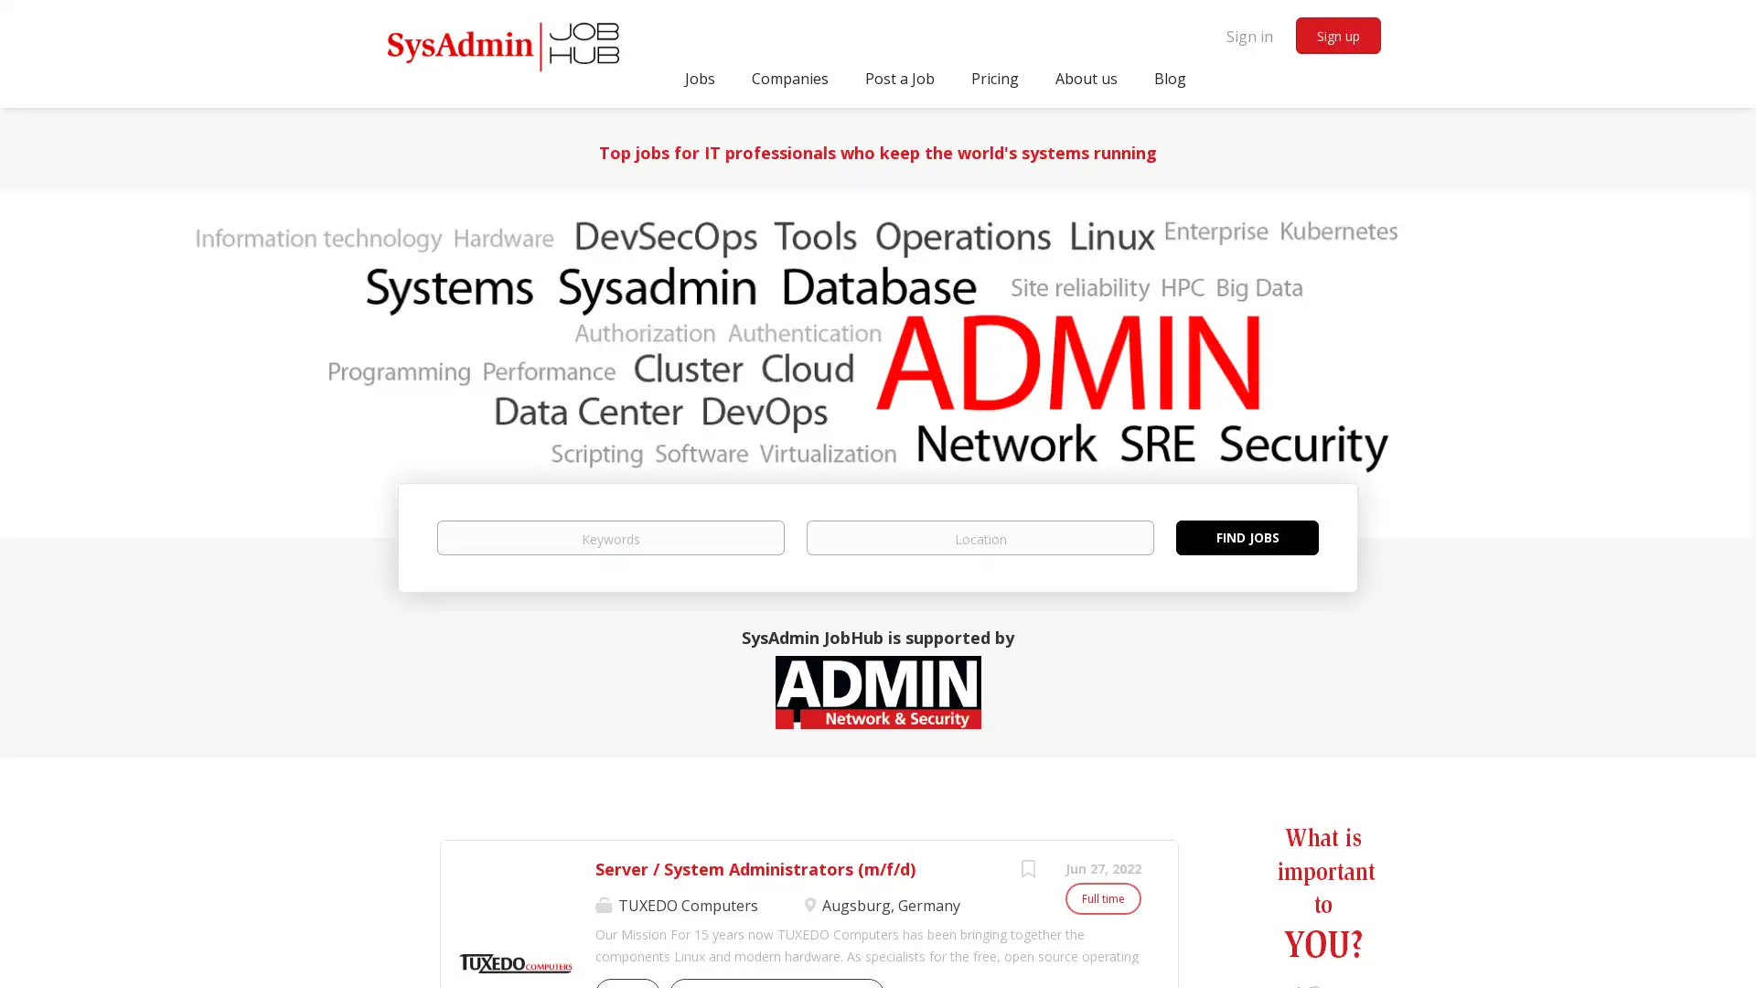 The width and height of the screenshot is (1756, 988). I want to click on Find Jobs, so click(1246, 535).